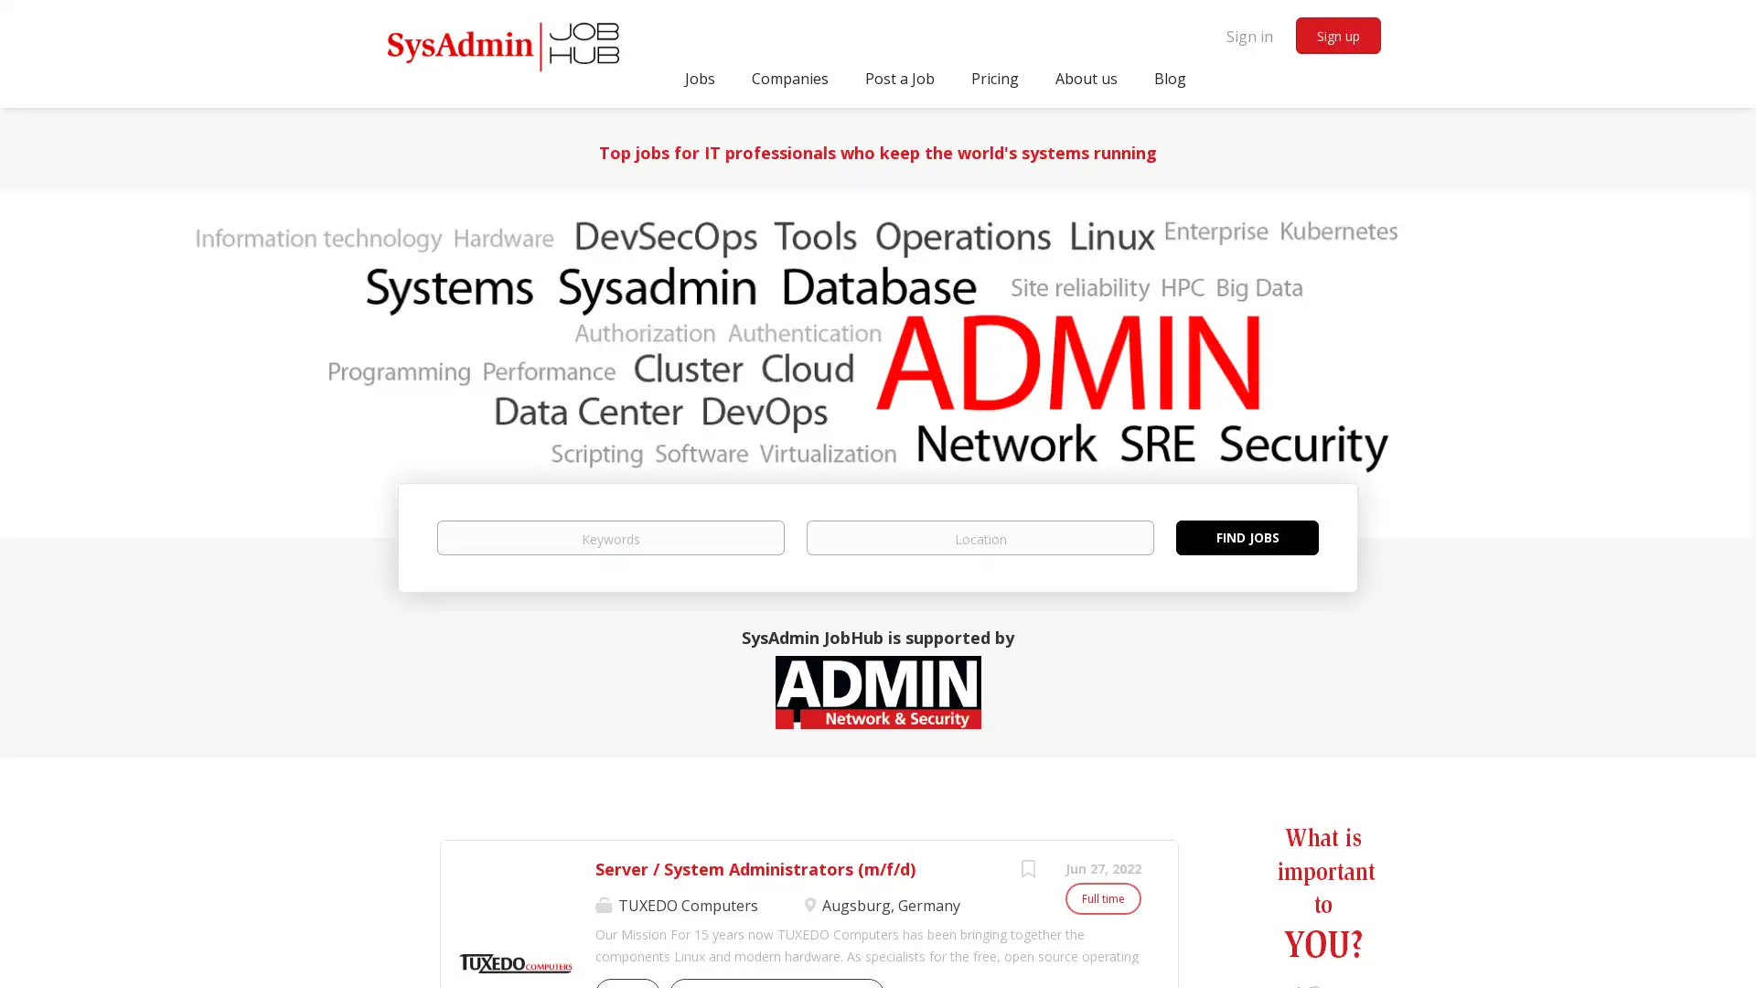 The width and height of the screenshot is (1756, 988). I want to click on Find Jobs, so click(1246, 535).